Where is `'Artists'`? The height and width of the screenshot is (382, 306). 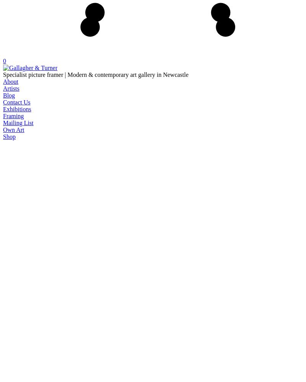
'Artists' is located at coordinates (11, 88).